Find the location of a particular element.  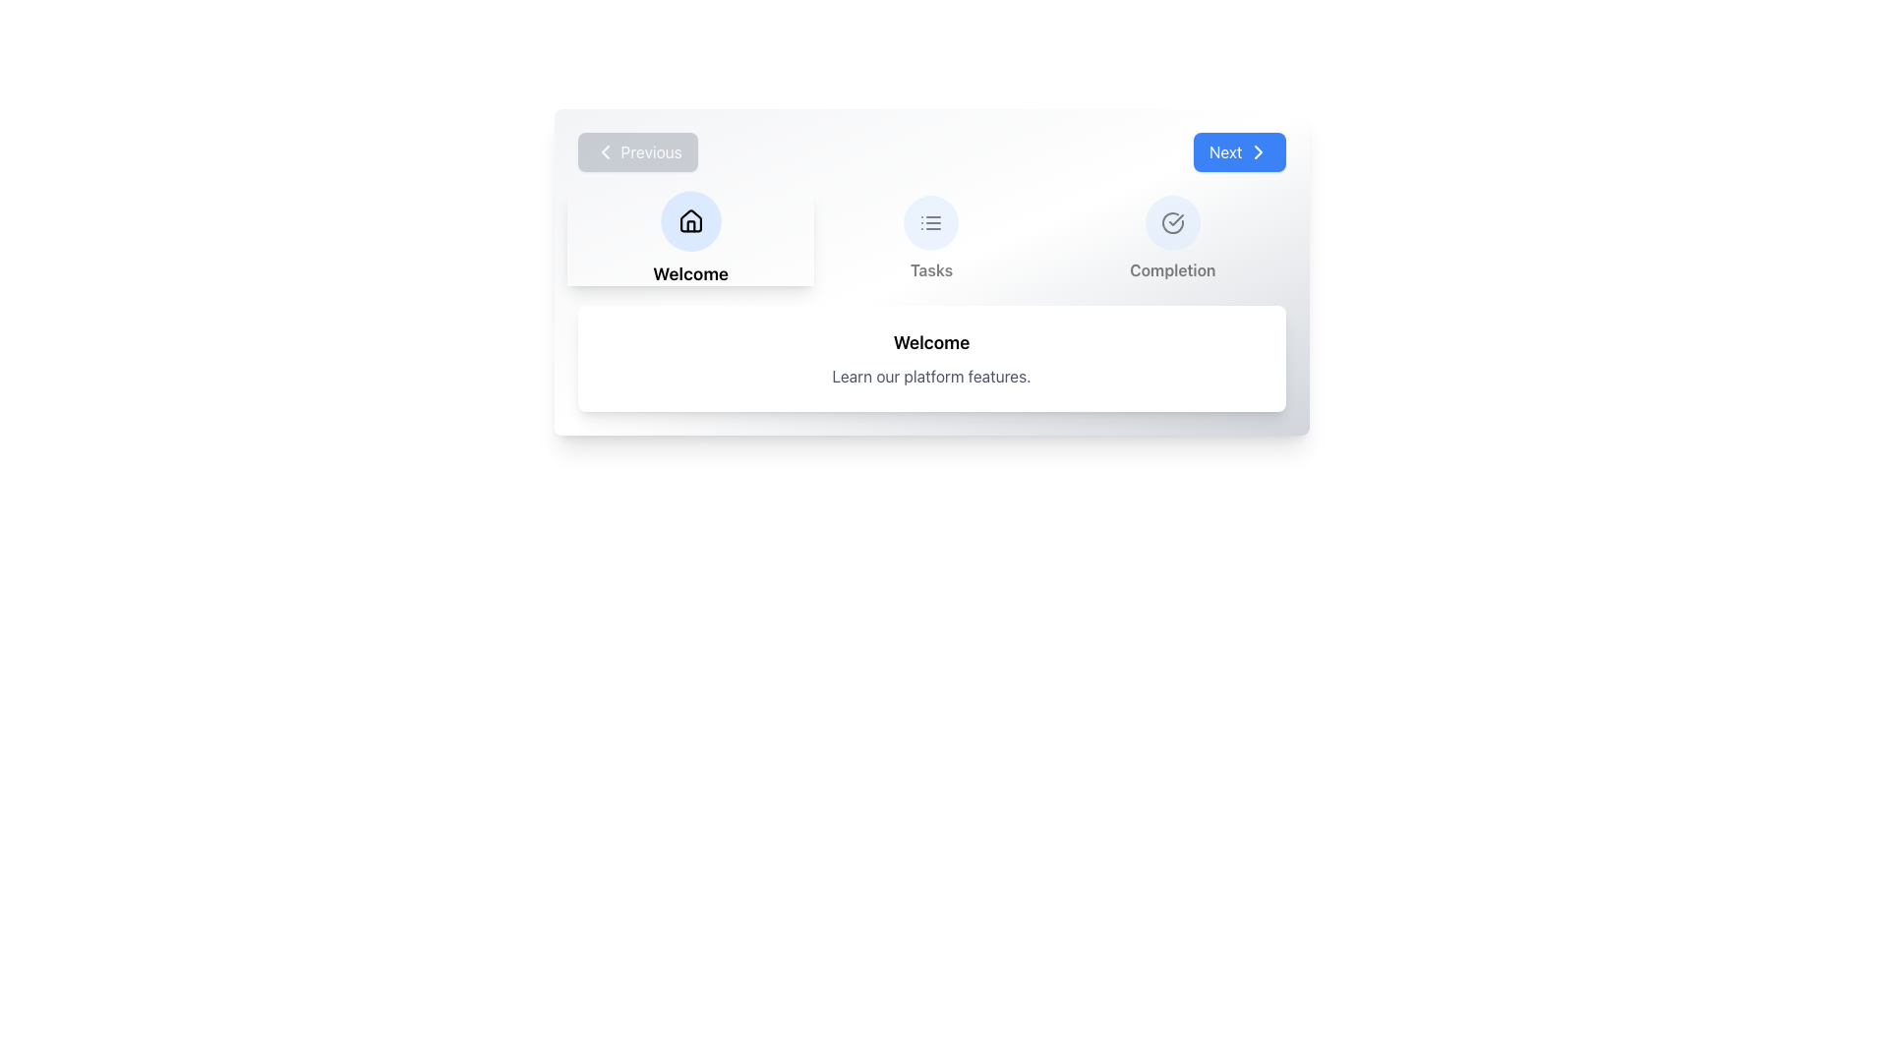

the house icon labeled 'Welcome' which is the first element in a horizontally aligned grid layout is located at coordinates (690, 238).